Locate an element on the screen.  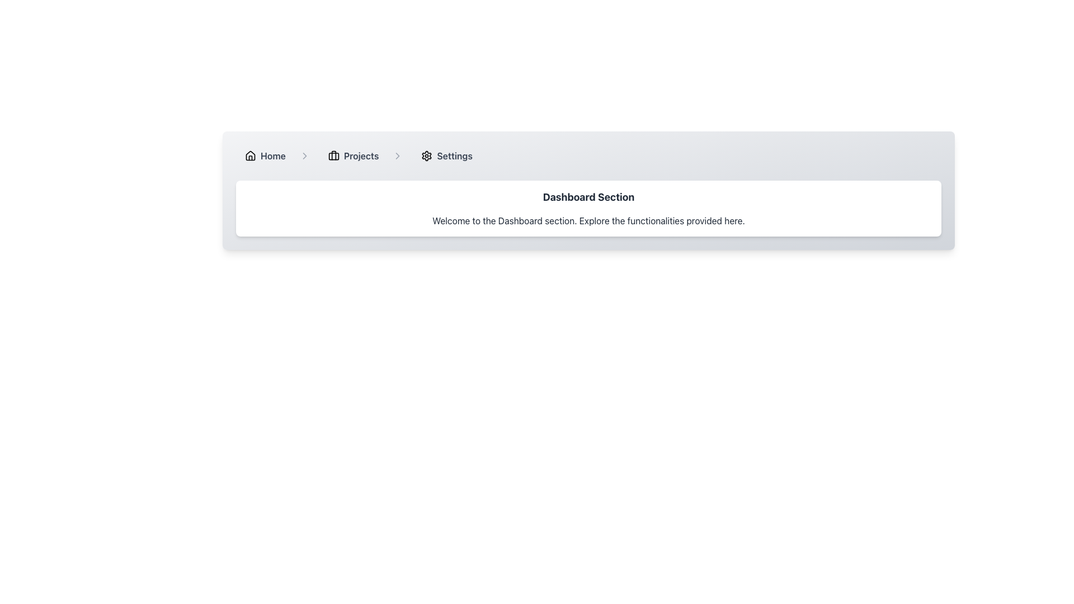
the informational text block that provides guidance about the Dashboard section, located below the 'Dashboard Section' heading is located at coordinates (588, 220).